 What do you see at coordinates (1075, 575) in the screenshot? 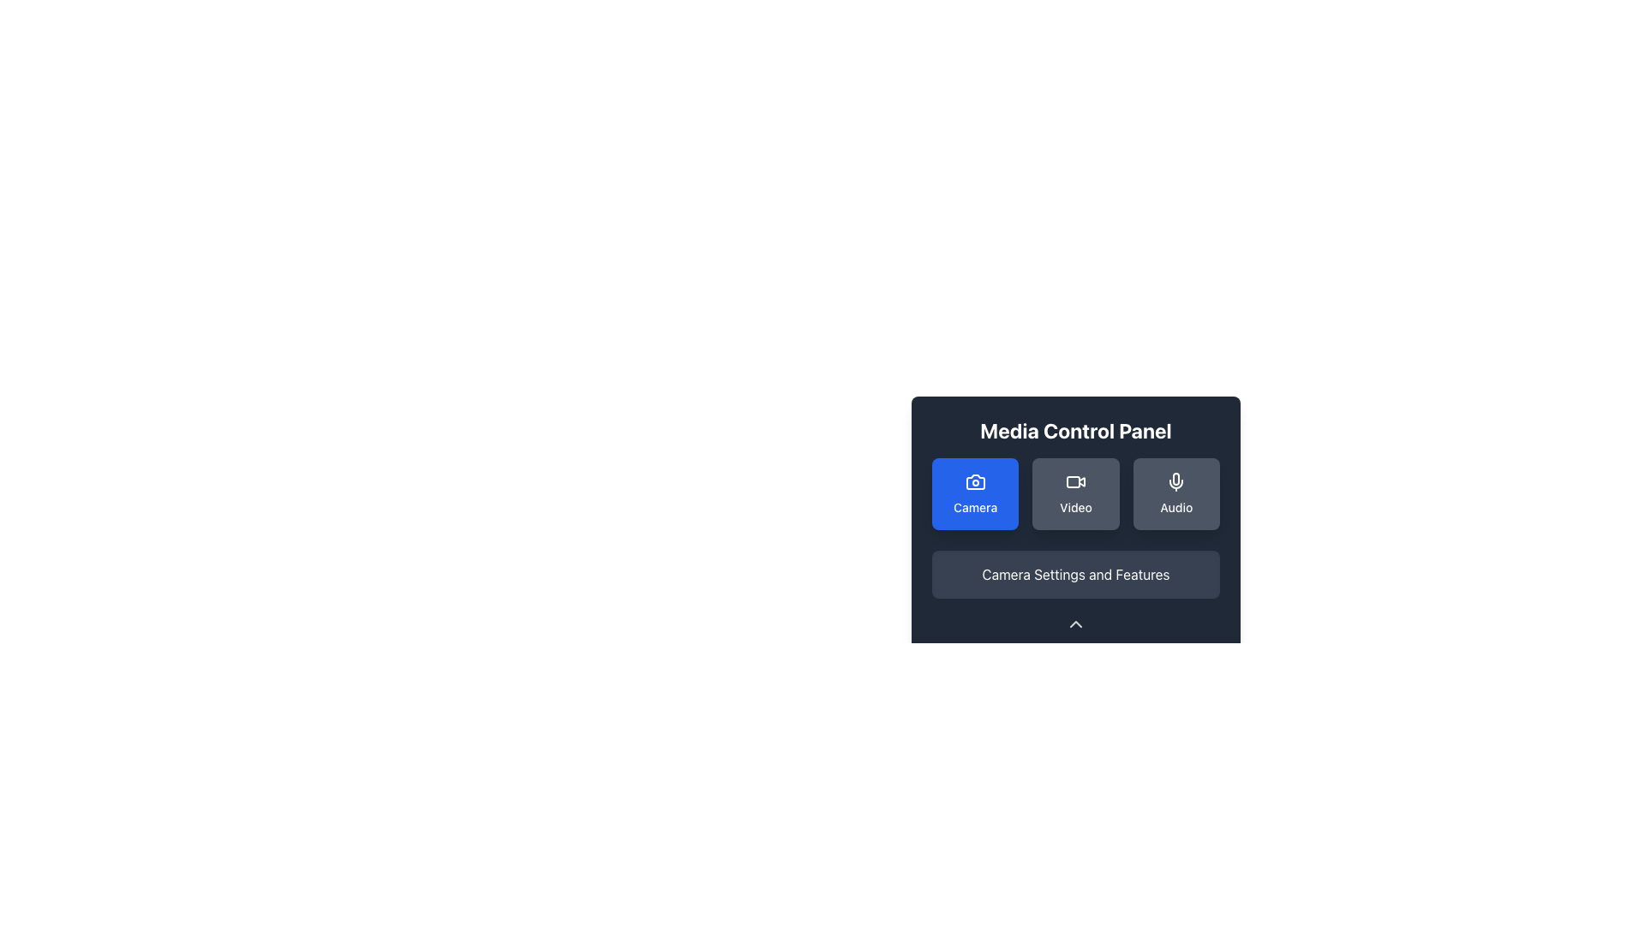
I see `the Text label that describes settings and features related to camera functionalities, located at the bottom of the Media Control Panel interface` at bounding box center [1075, 575].